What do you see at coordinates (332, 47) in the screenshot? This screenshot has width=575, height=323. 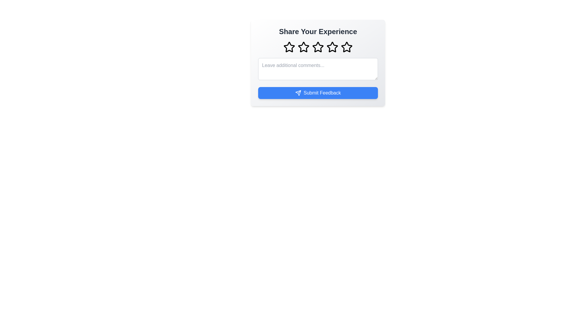 I see `the fourth rating star icon, which is yellow and has a black outline, to indicate intent to select` at bounding box center [332, 47].